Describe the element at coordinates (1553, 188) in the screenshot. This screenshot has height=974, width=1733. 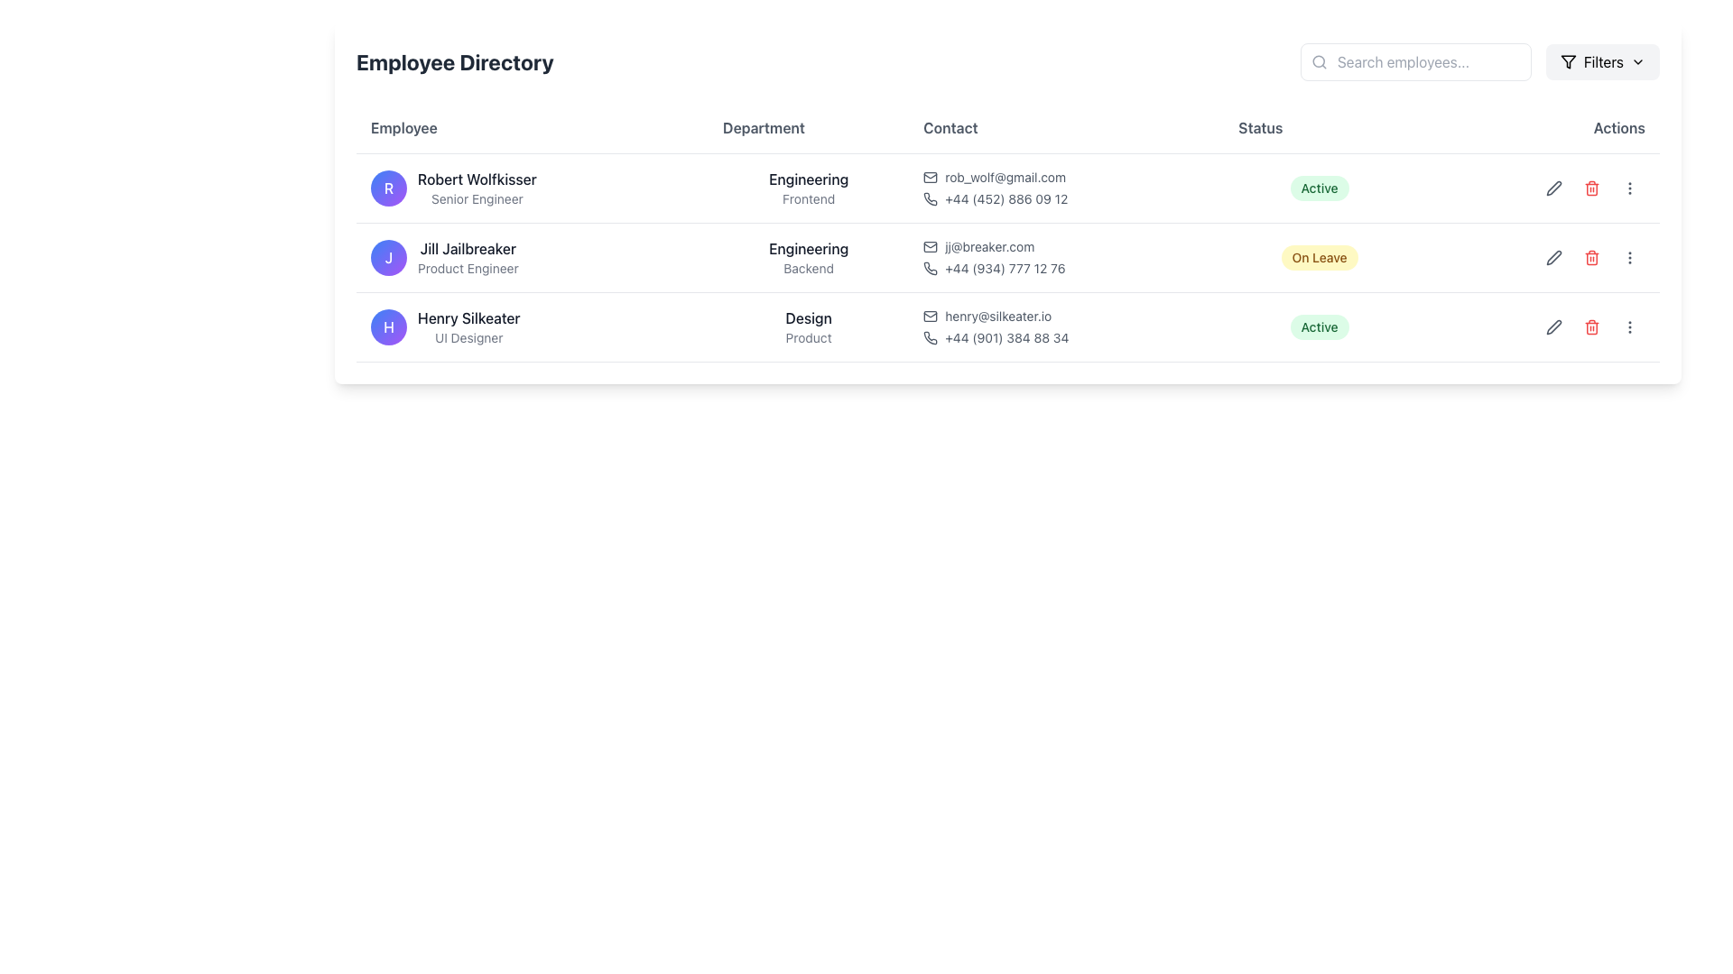
I see `the pen icon in the 'Actions' column of the second row in the employee directory table` at that location.